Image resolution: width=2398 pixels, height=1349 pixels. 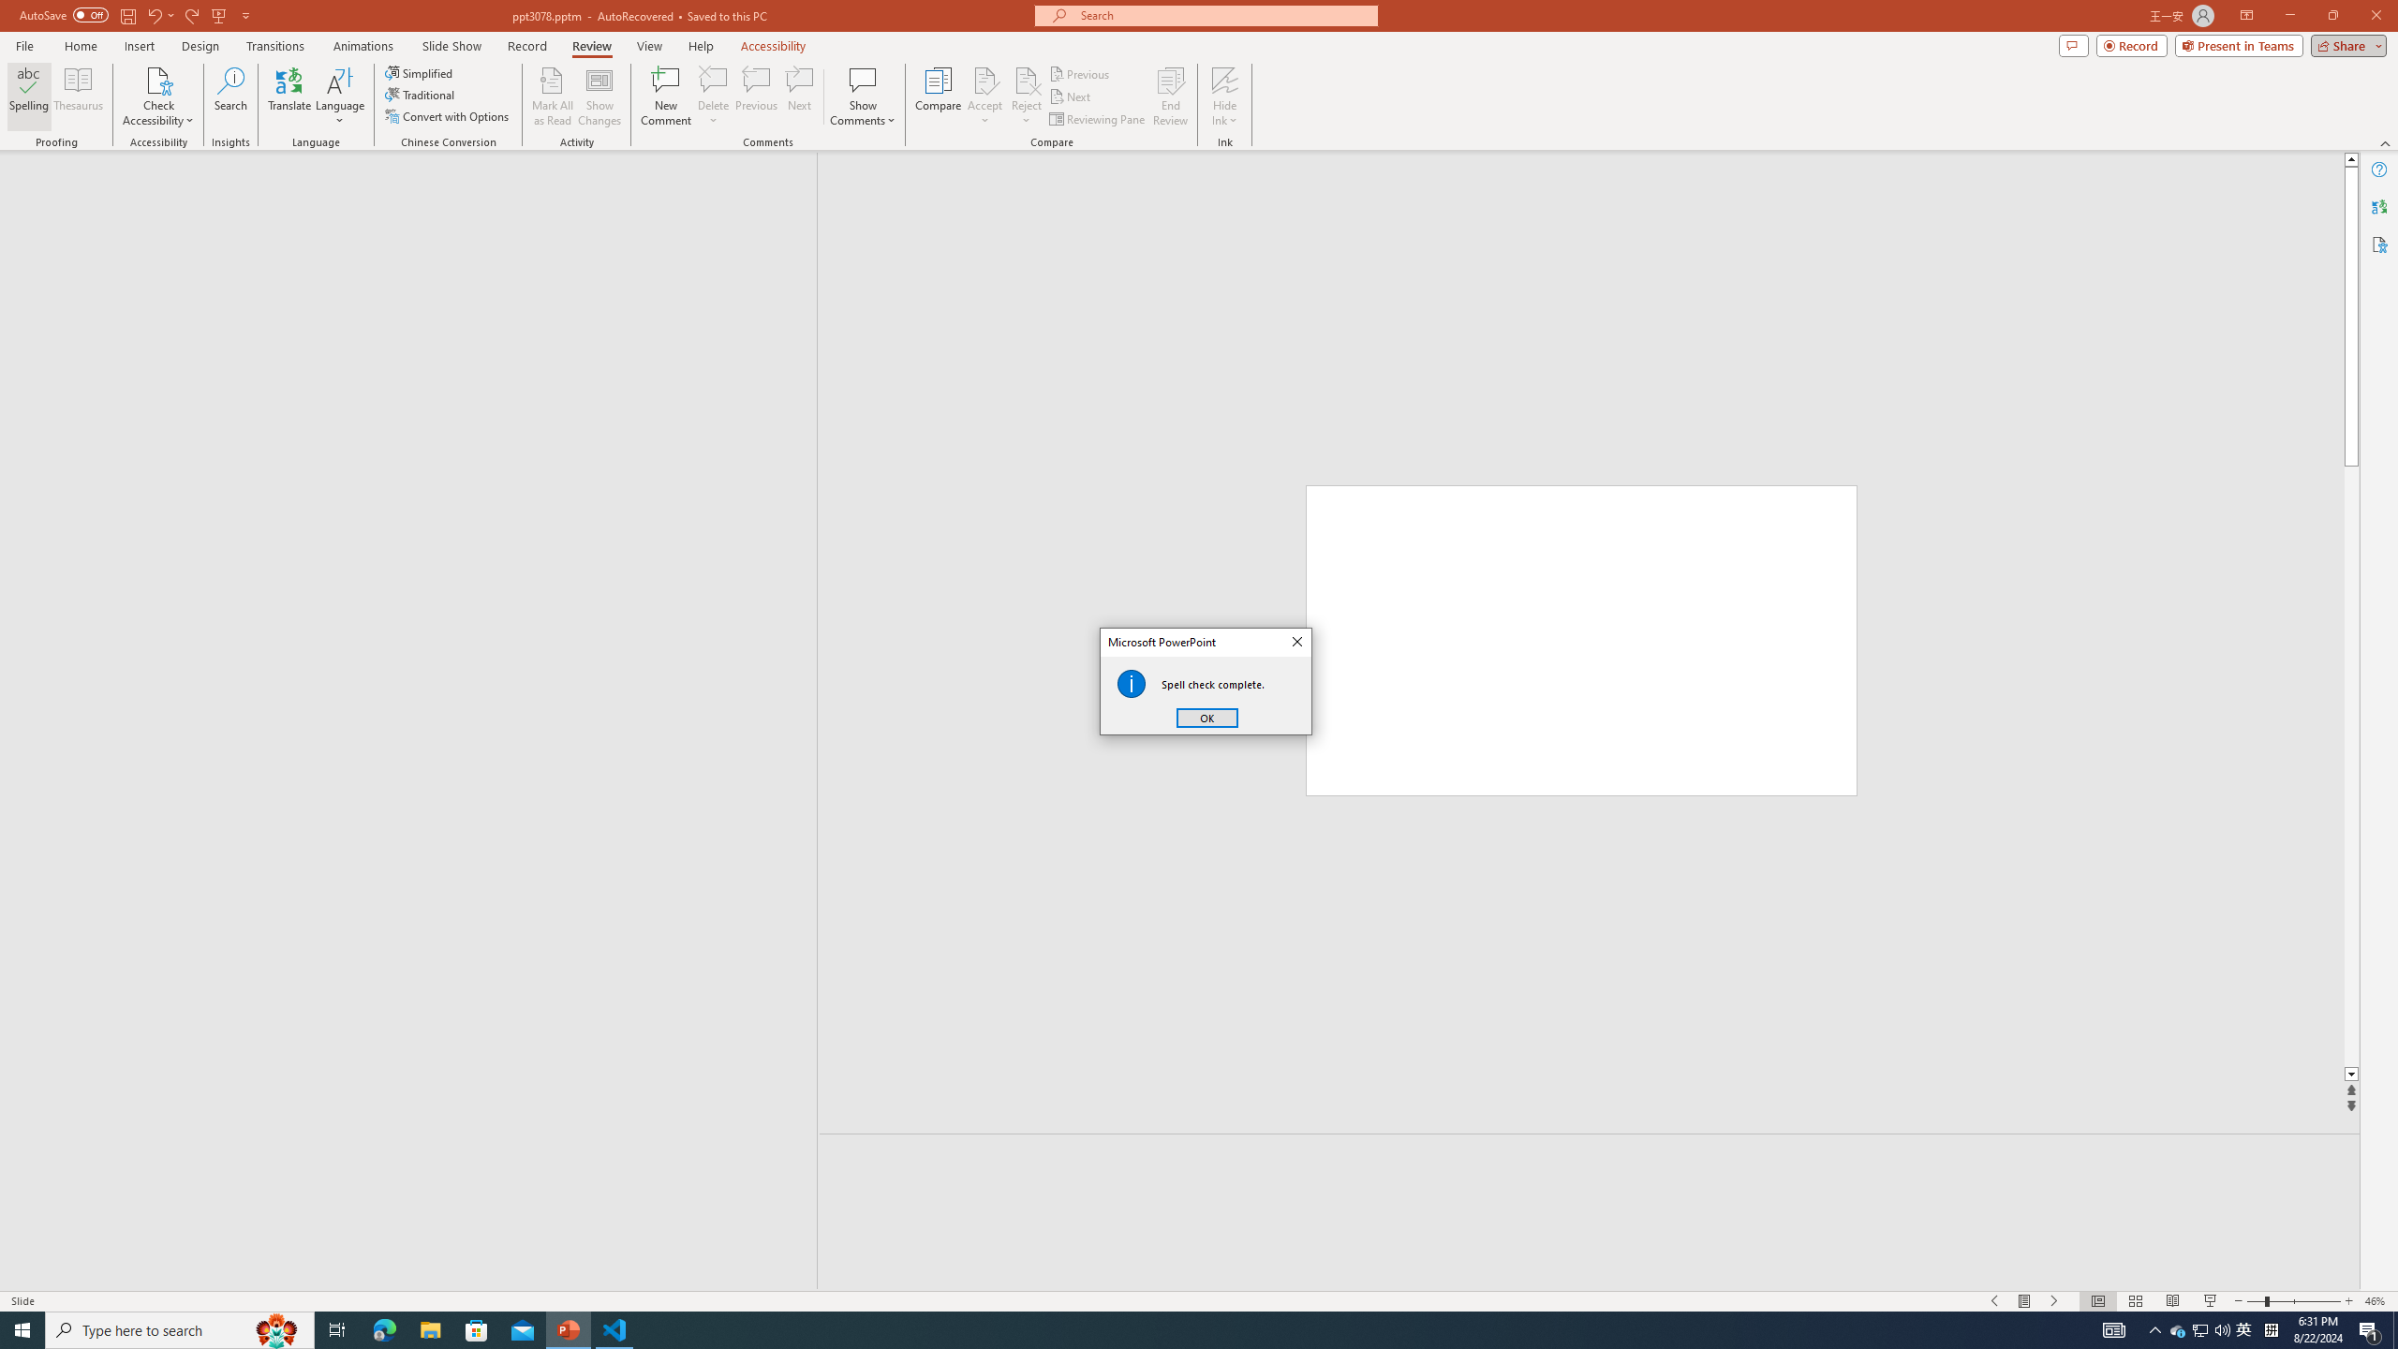 I want to click on 'User Promoted Notification Area', so click(x=2200, y=1328).